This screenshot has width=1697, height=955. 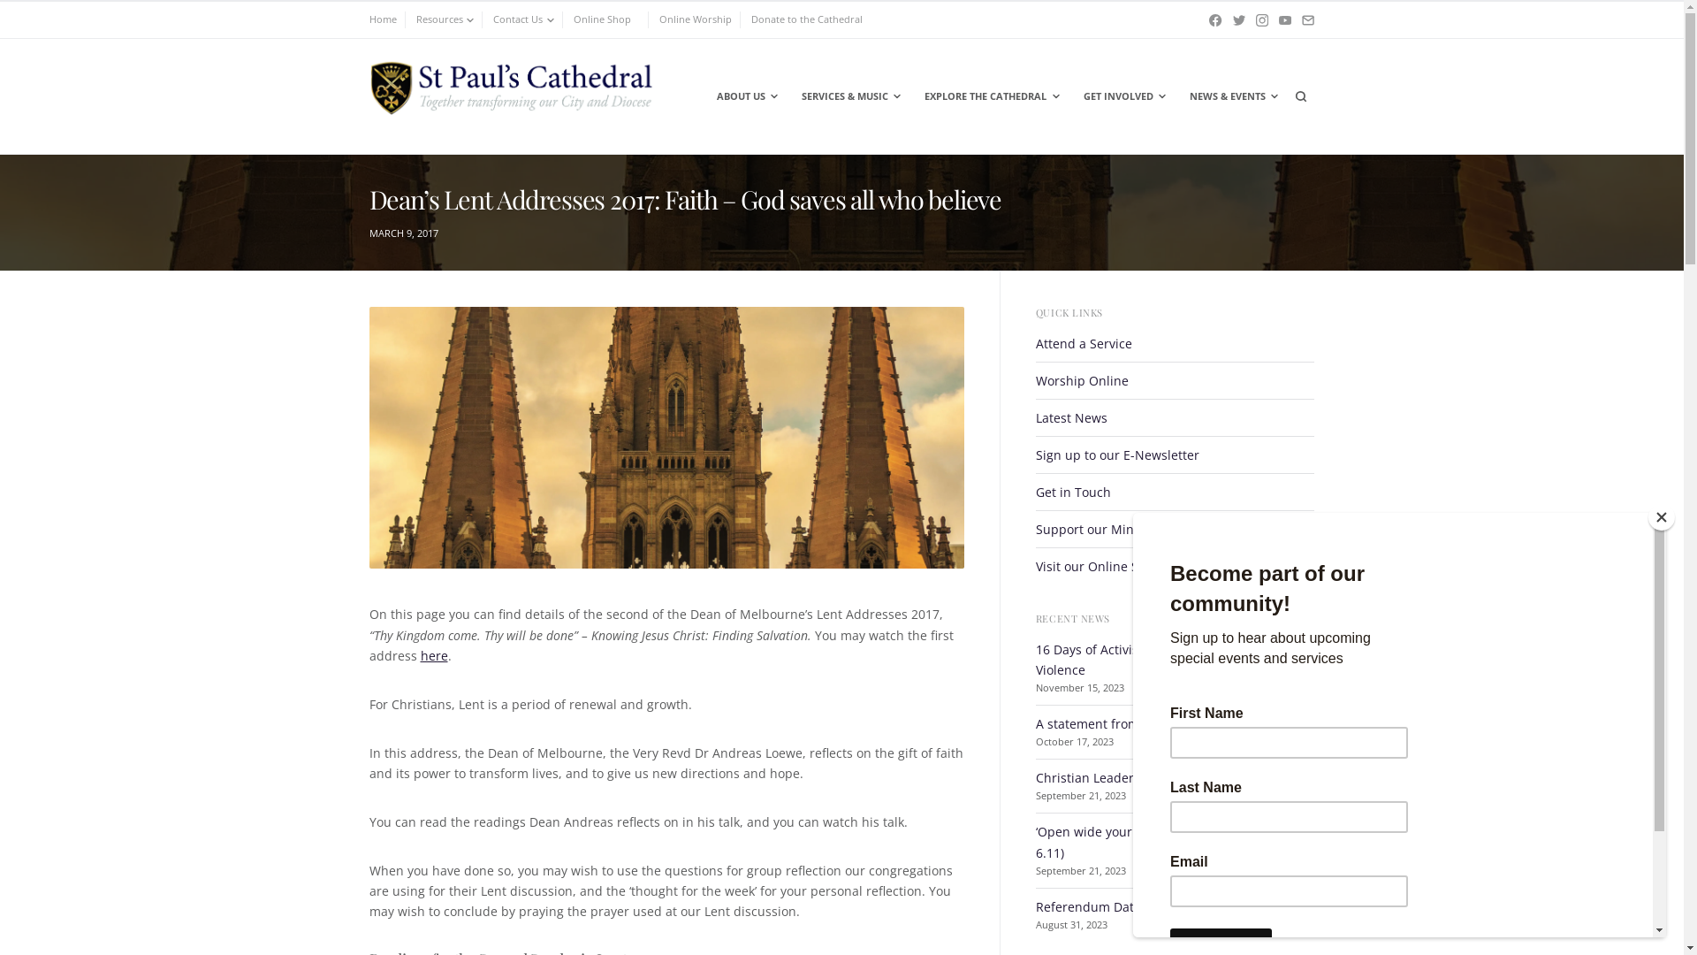 What do you see at coordinates (1214, 19) in the screenshot?
I see `'Facebook'` at bounding box center [1214, 19].